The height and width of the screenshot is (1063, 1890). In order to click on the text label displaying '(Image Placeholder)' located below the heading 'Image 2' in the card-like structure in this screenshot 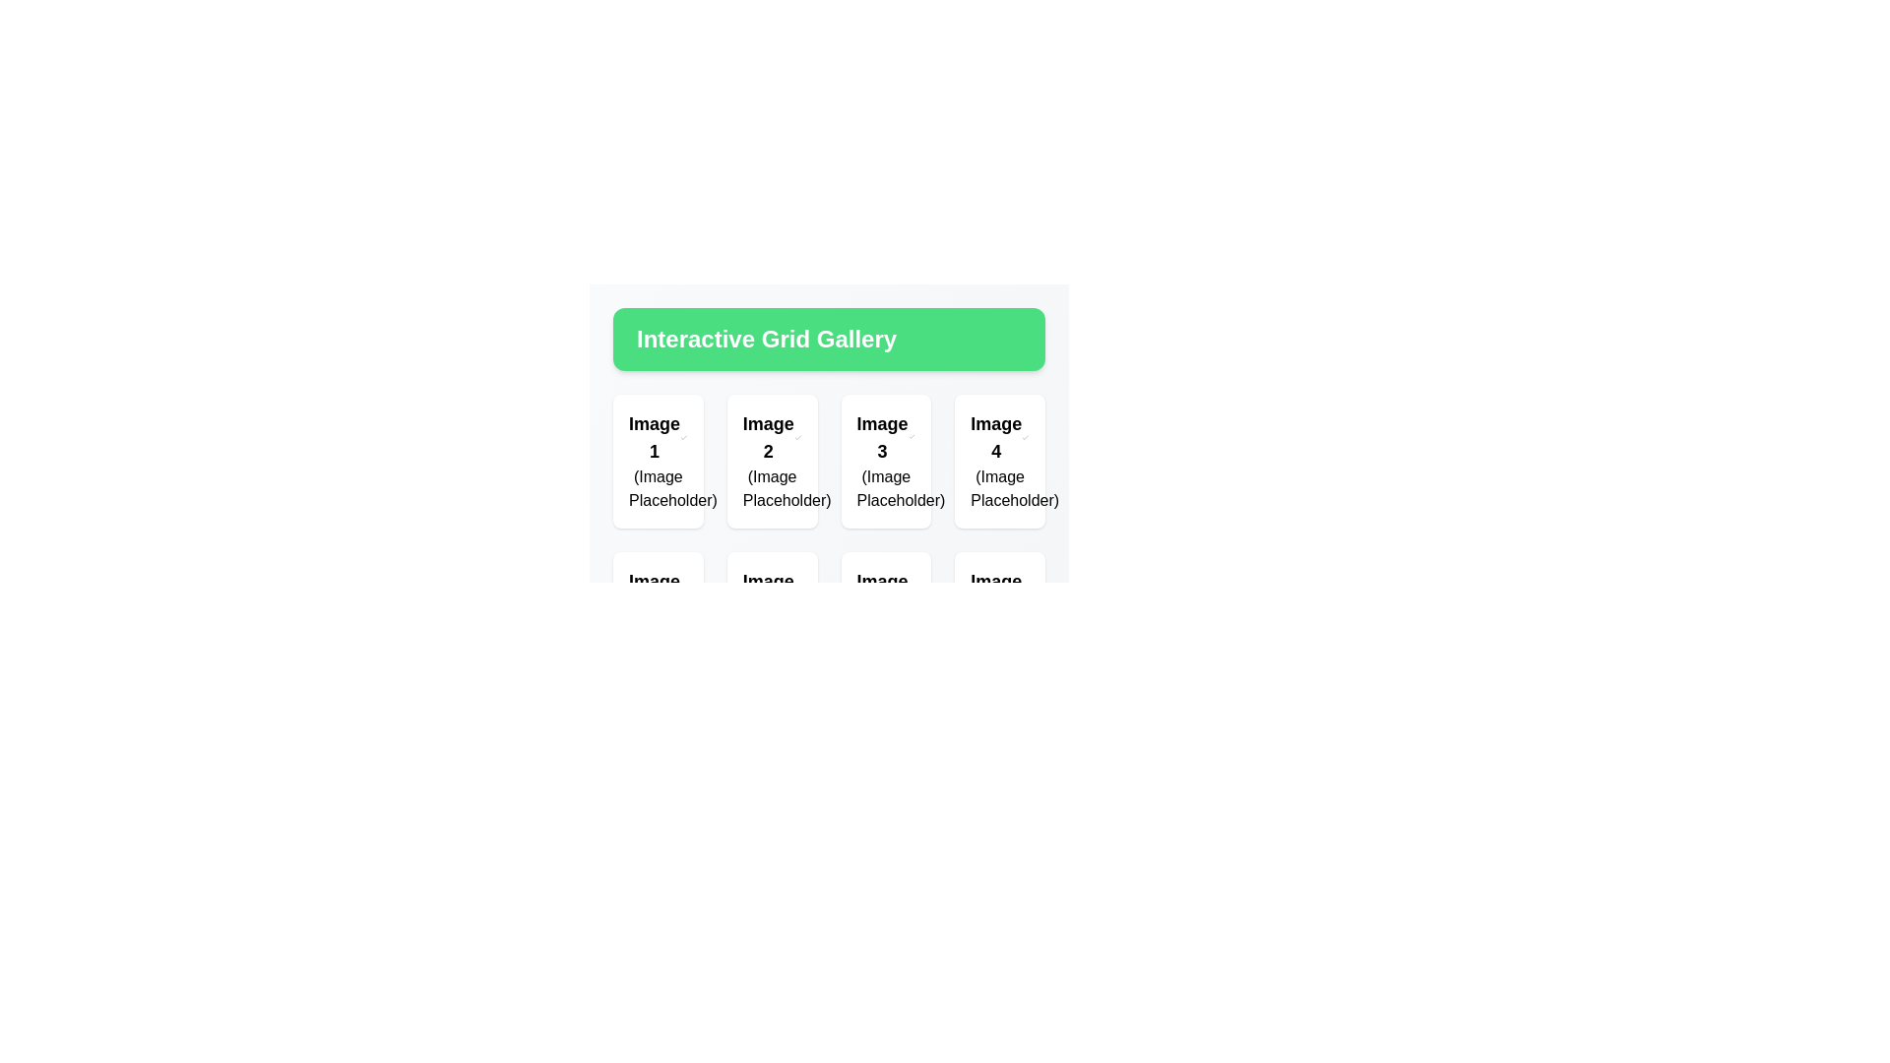, I will do `click(771, 488)`.